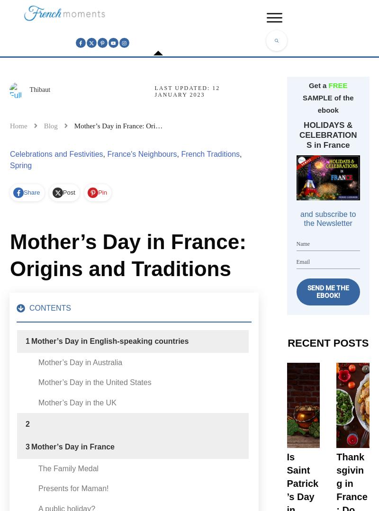 The width and height of the screenshot is (379, 511). I want to click on 'Celebrations and Festivities', so click(55, 153).